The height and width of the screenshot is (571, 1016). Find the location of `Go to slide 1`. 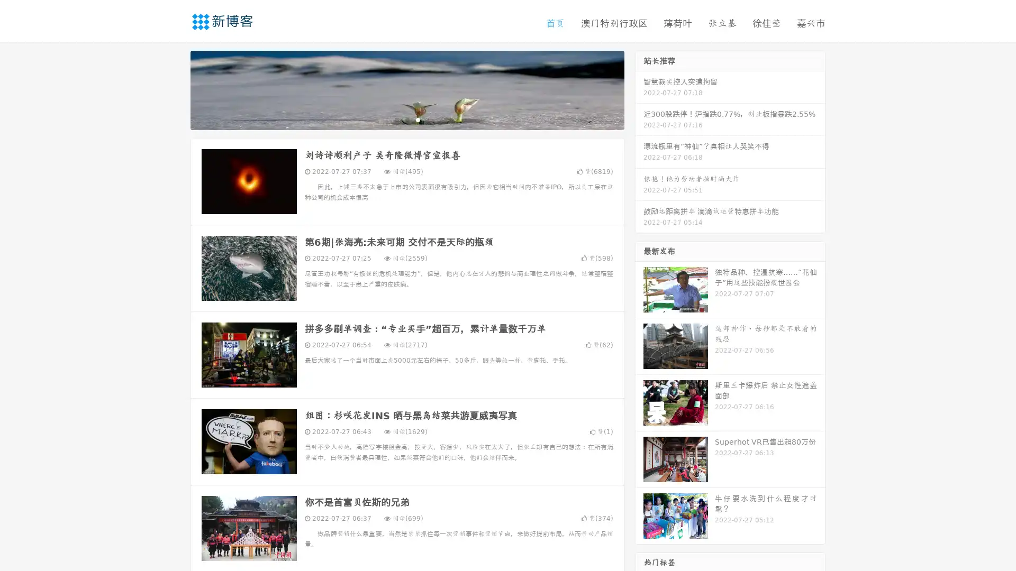

Go to slide 1 is located at coordinates (396, 119).